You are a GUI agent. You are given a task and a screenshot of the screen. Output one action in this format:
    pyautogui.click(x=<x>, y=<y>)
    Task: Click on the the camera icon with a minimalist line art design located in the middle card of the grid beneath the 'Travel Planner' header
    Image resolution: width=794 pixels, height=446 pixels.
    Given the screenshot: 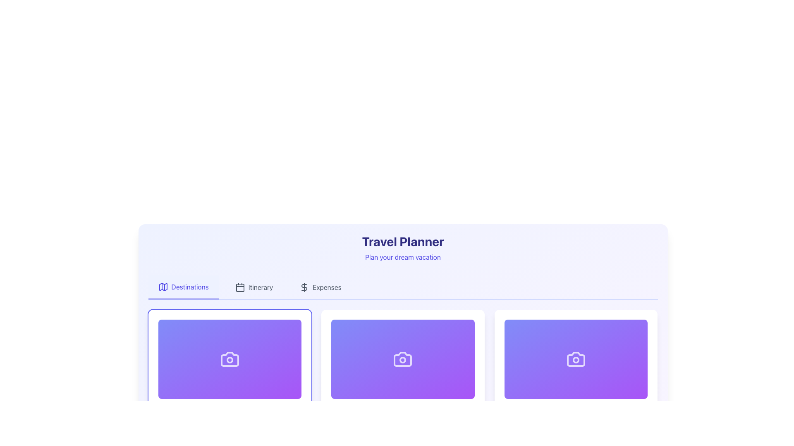 What is the action you would take?
    pyautogui.click(x=403, y=359)
    